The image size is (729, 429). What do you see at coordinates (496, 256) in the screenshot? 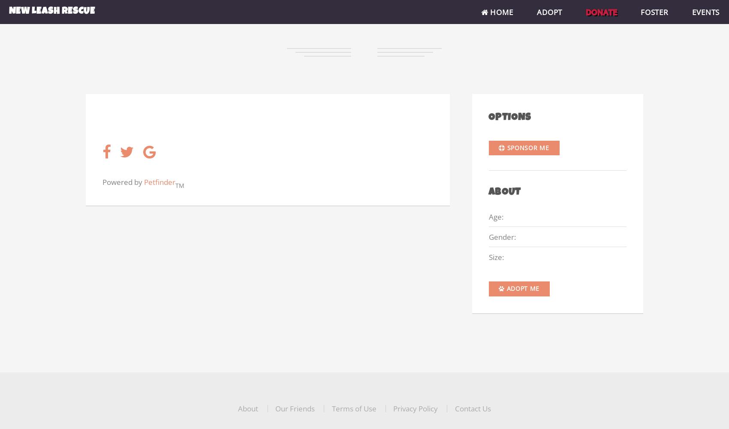
I see `'Size:'` at bounding box center [496, 256].